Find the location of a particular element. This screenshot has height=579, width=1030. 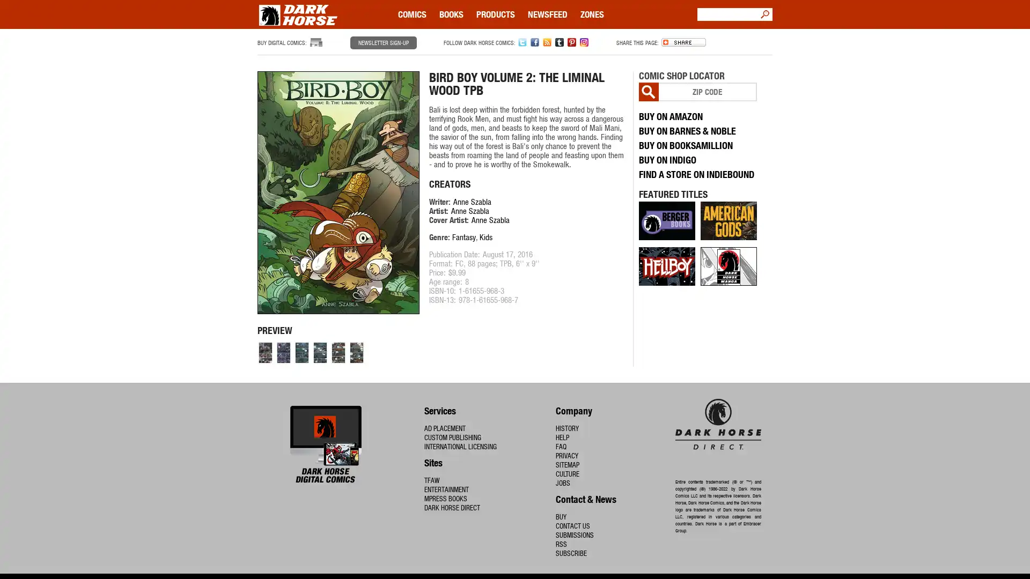

Go is located at coordinates (764, 14).